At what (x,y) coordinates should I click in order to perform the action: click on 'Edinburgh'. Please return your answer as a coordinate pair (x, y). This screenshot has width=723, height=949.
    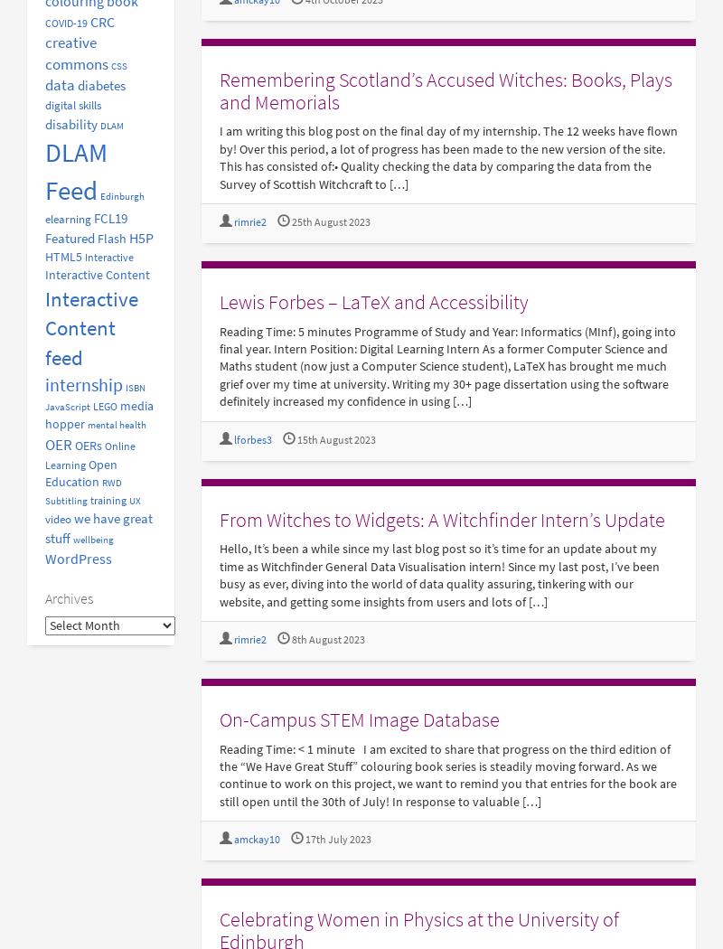
    Looking at the image, I should click on (122, 195).